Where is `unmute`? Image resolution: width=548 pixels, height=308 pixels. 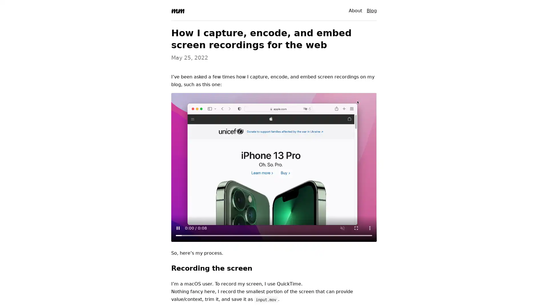 unmute is located at coordinates (342, 228).